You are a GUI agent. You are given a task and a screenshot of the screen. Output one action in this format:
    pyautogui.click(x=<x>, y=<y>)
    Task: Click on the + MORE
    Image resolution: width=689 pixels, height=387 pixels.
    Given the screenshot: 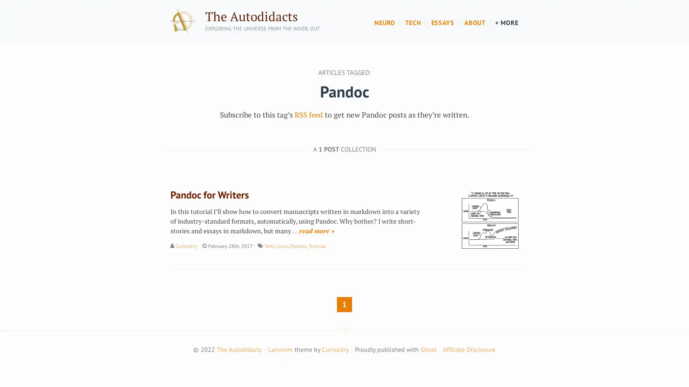 What is the action you would take?
    pyautogui.click(x=506, y=22)
    